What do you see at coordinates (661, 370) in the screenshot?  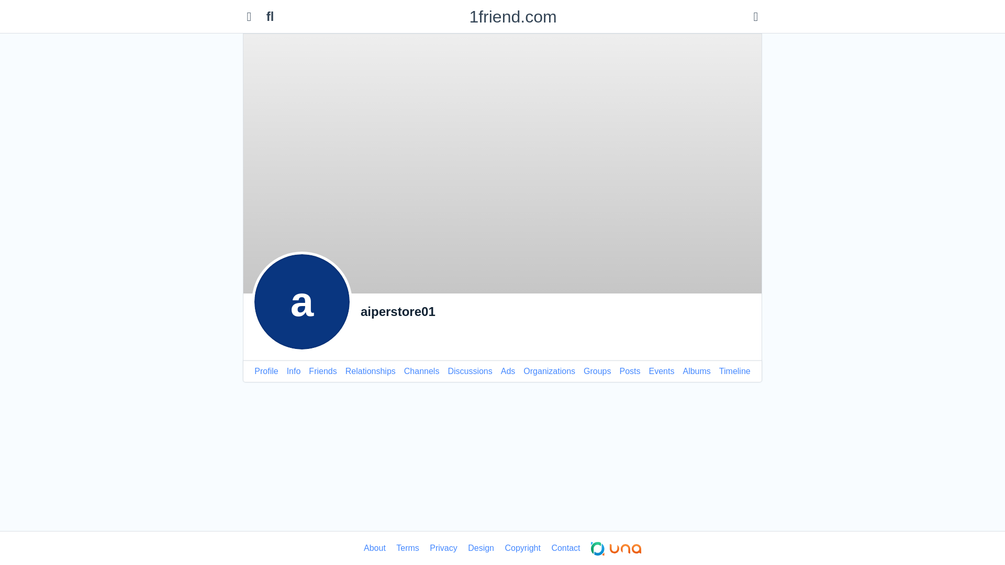 I see `'Events'` at bounding box center [661, 370].